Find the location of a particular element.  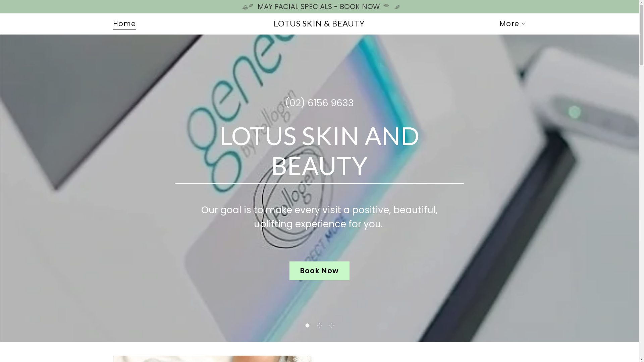

'More' is located at coordinates (512, 23).